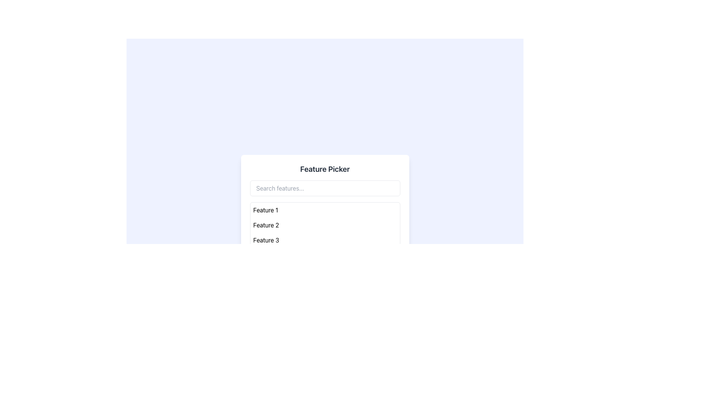 Image resolution: width=721 pixels, height=406 pixels. What do you see at coordinates (265, 210) in the screenshot?
I see `the first item in the selectable list of feature configuration options, located below the 'Search features...' bar in a white modal` at bounding box center [265, 210].